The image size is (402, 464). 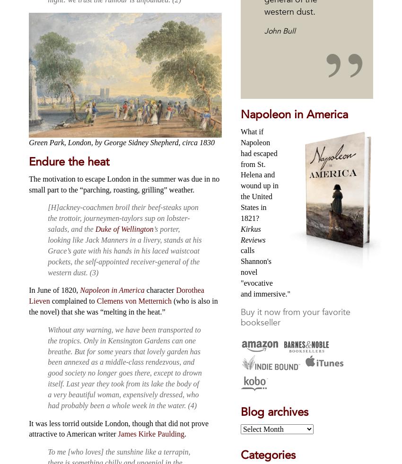 I want to click on '’s porter, looking like Jack Manners in a livery, stands at his Grace’s gate with his hands in his laced waistcoat pockets, the self-appointed receiver-general of the western dust. (3)', so click(x=47, y=251).